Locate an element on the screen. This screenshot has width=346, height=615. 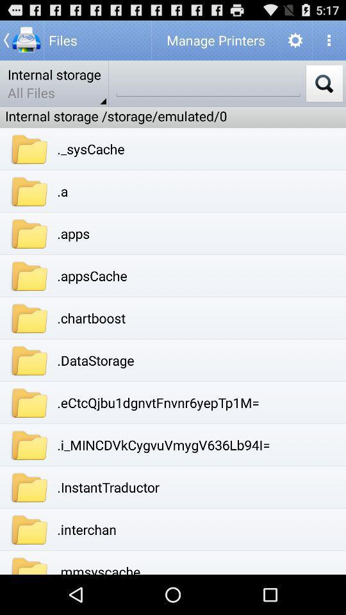
search files is located at coordinates (208, 83).